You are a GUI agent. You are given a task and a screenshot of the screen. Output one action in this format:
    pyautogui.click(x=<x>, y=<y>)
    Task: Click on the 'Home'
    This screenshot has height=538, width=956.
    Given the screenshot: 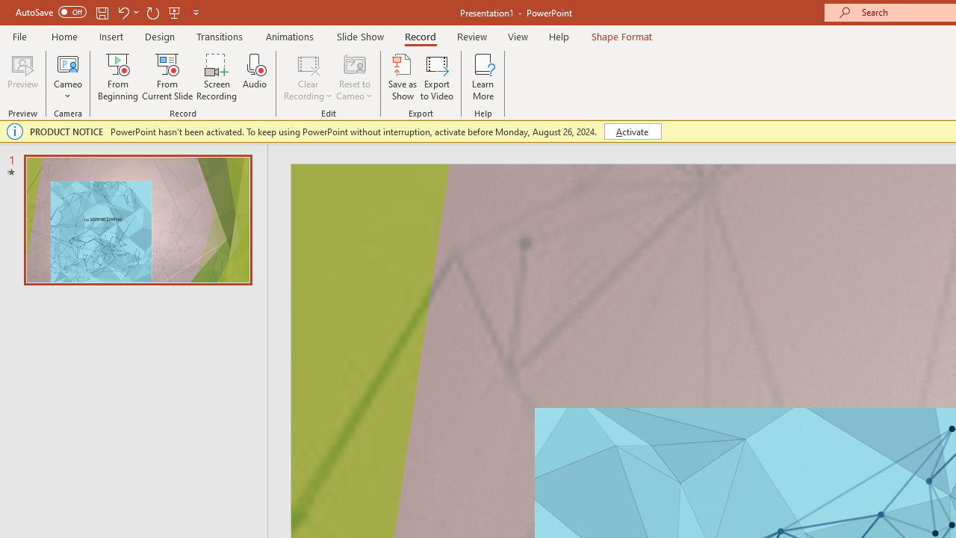 What is the action you would take?
    pyautogui.click(x=63, y=36)
    